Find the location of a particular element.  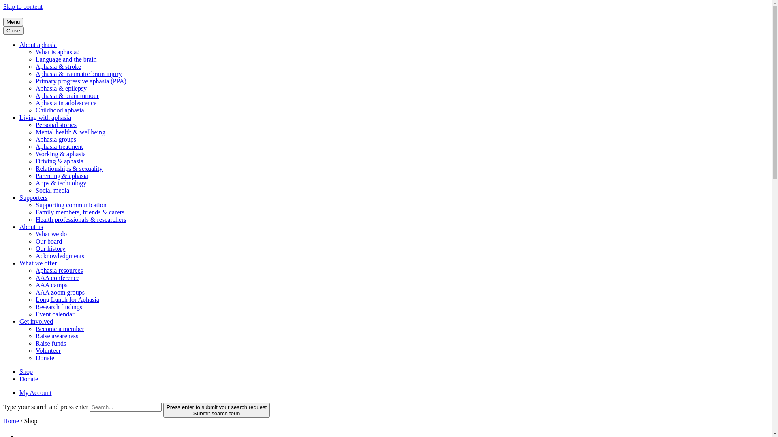

'Skip to content' is located at coordinates (23, 6).